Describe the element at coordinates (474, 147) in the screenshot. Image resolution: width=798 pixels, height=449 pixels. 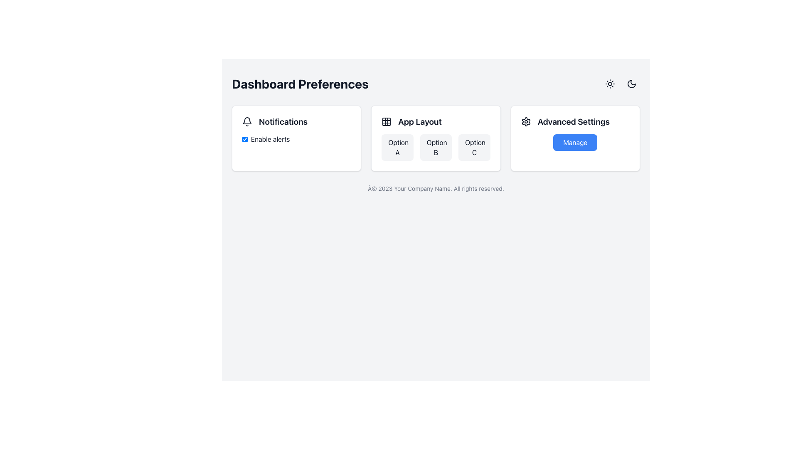
I see `the third button labeled 'Option C' in the 'App Layout' section` at that location.